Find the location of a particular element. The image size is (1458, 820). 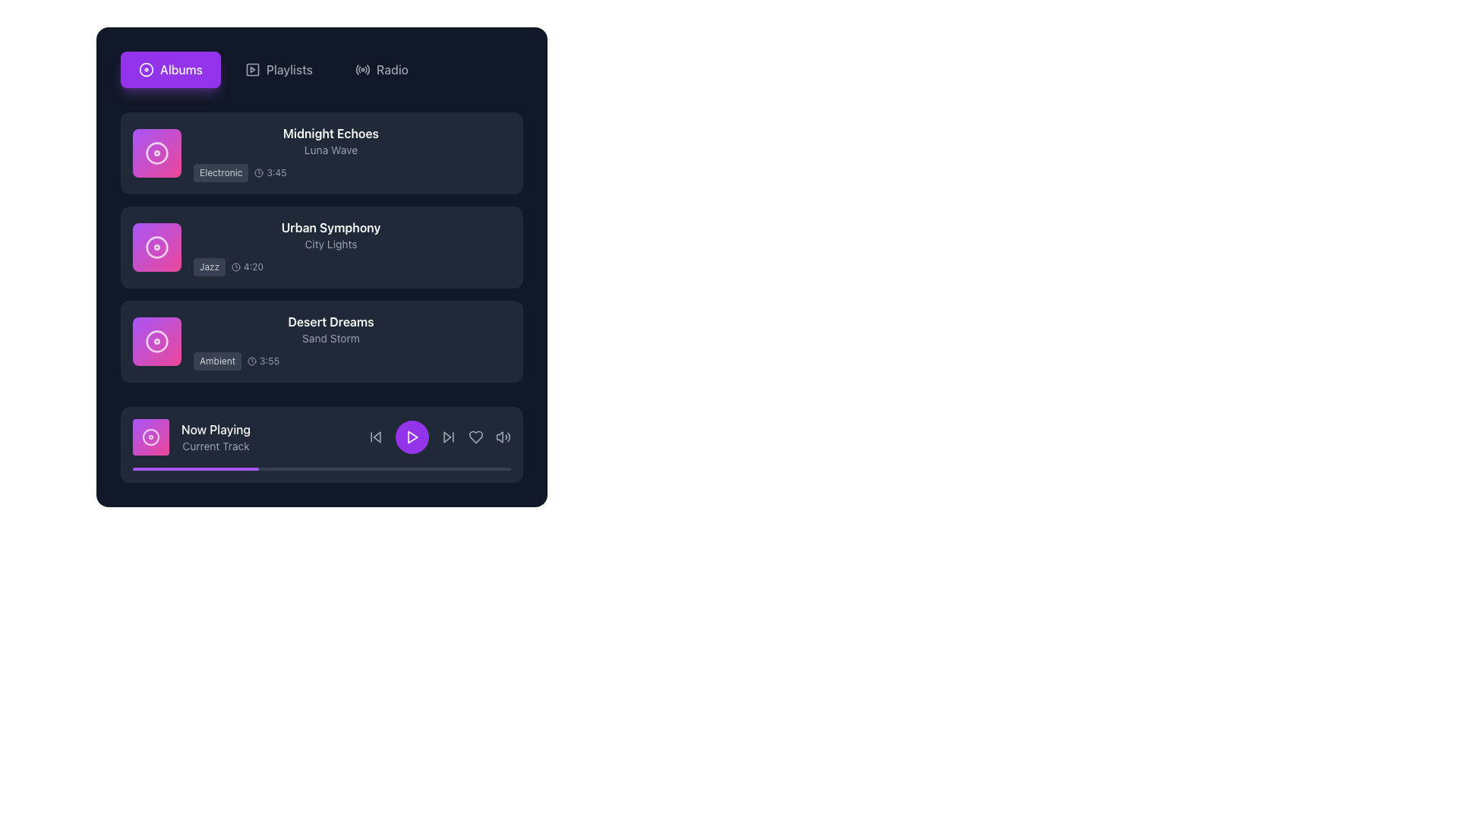

the text label displaying 'Ambient', which is located to the left of the time indicator '3:55' and to the right of the track's artwork icon in the 'Desert Dreams' section is located at coordinates (216, 361).